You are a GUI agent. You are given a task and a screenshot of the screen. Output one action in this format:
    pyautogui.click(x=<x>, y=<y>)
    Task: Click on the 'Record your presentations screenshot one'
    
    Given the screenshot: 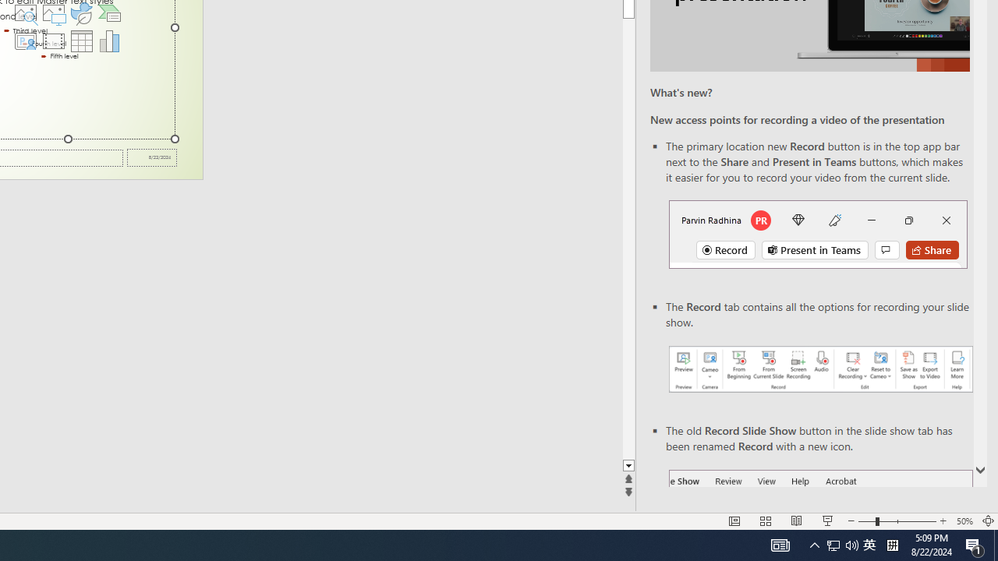 What is the action you would take?
    pyautogui.click(x=819, y=369)
    